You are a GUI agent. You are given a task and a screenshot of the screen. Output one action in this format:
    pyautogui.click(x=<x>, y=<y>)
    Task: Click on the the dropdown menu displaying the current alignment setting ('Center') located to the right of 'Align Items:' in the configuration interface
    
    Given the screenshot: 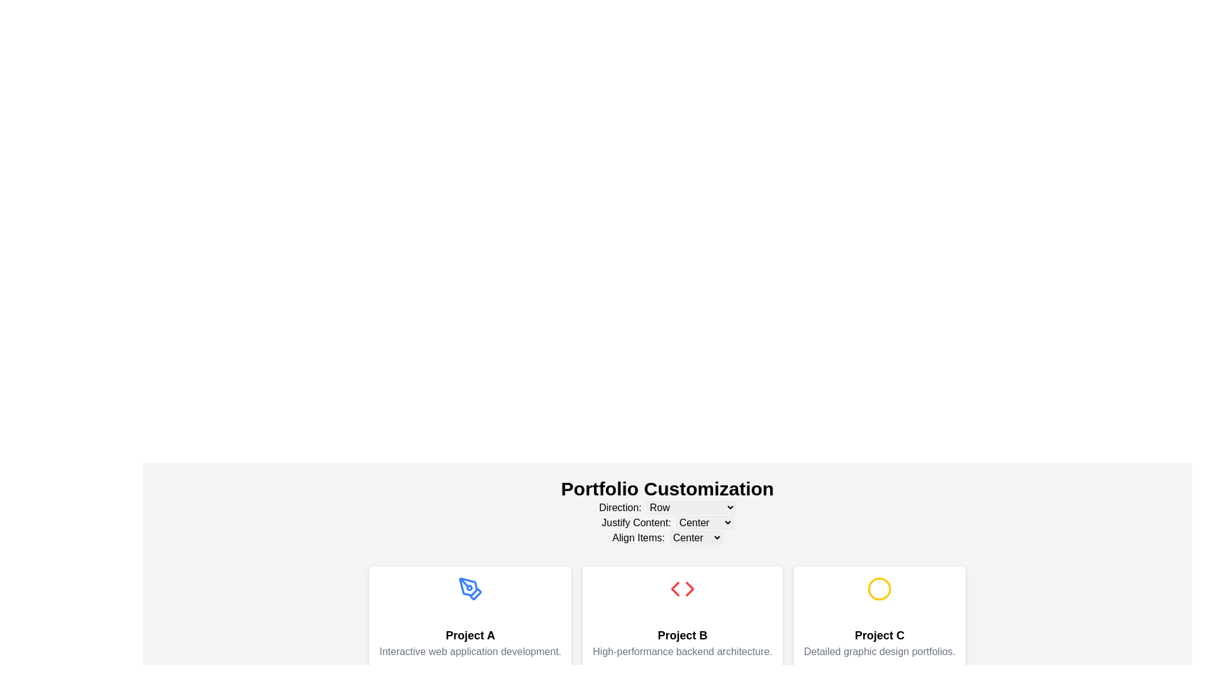 What is the action you would take?
    pyautogui.click(x=695, y=538)
    